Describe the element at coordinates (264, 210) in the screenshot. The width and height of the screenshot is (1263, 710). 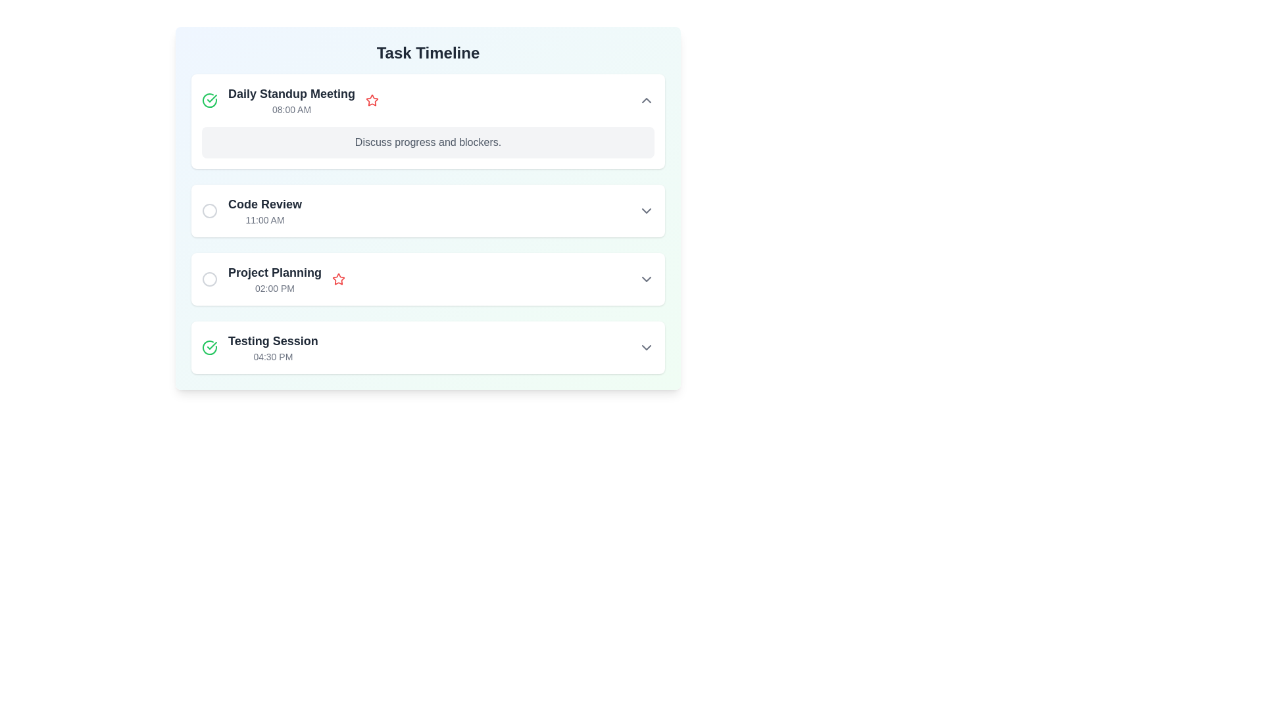
I see `text from the Text block titled 'Code Review' which displays 'Code Review' in bold and '11:00 AM' in a smaller font beneath it` at that location.